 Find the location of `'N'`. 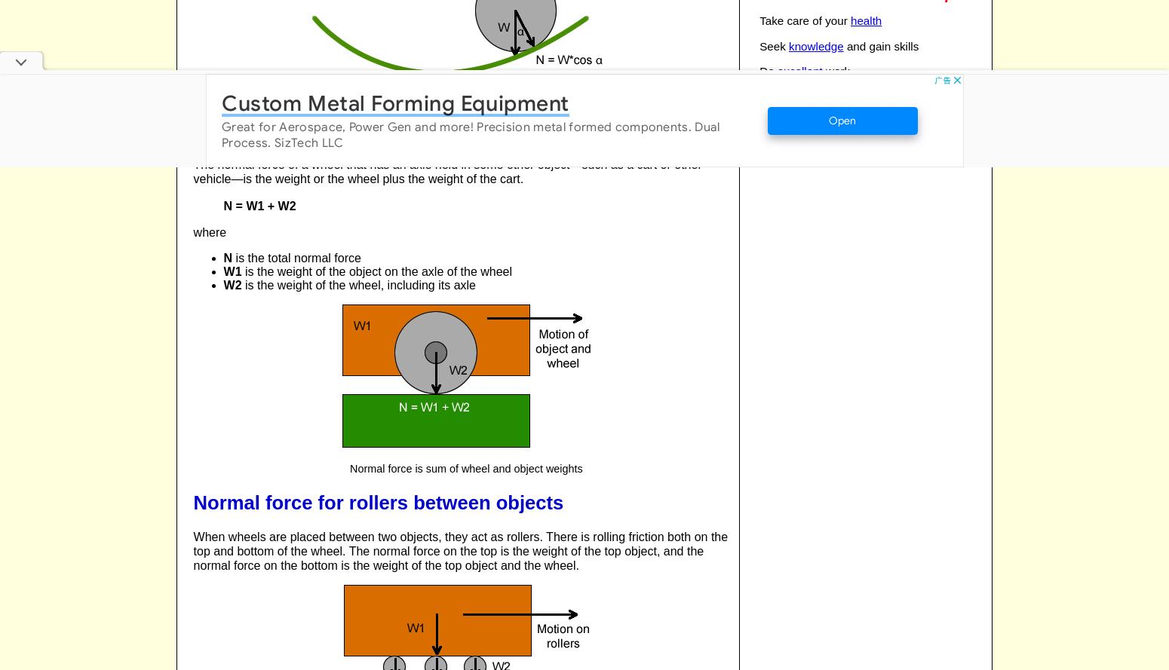

'N' is located at coordinates (227, 256).